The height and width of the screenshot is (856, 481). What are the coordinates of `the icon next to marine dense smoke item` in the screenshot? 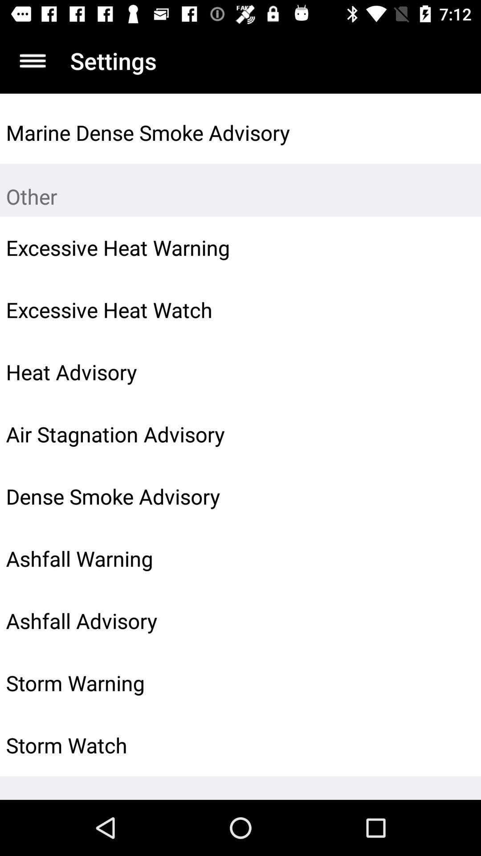 It's located at (453, 132).